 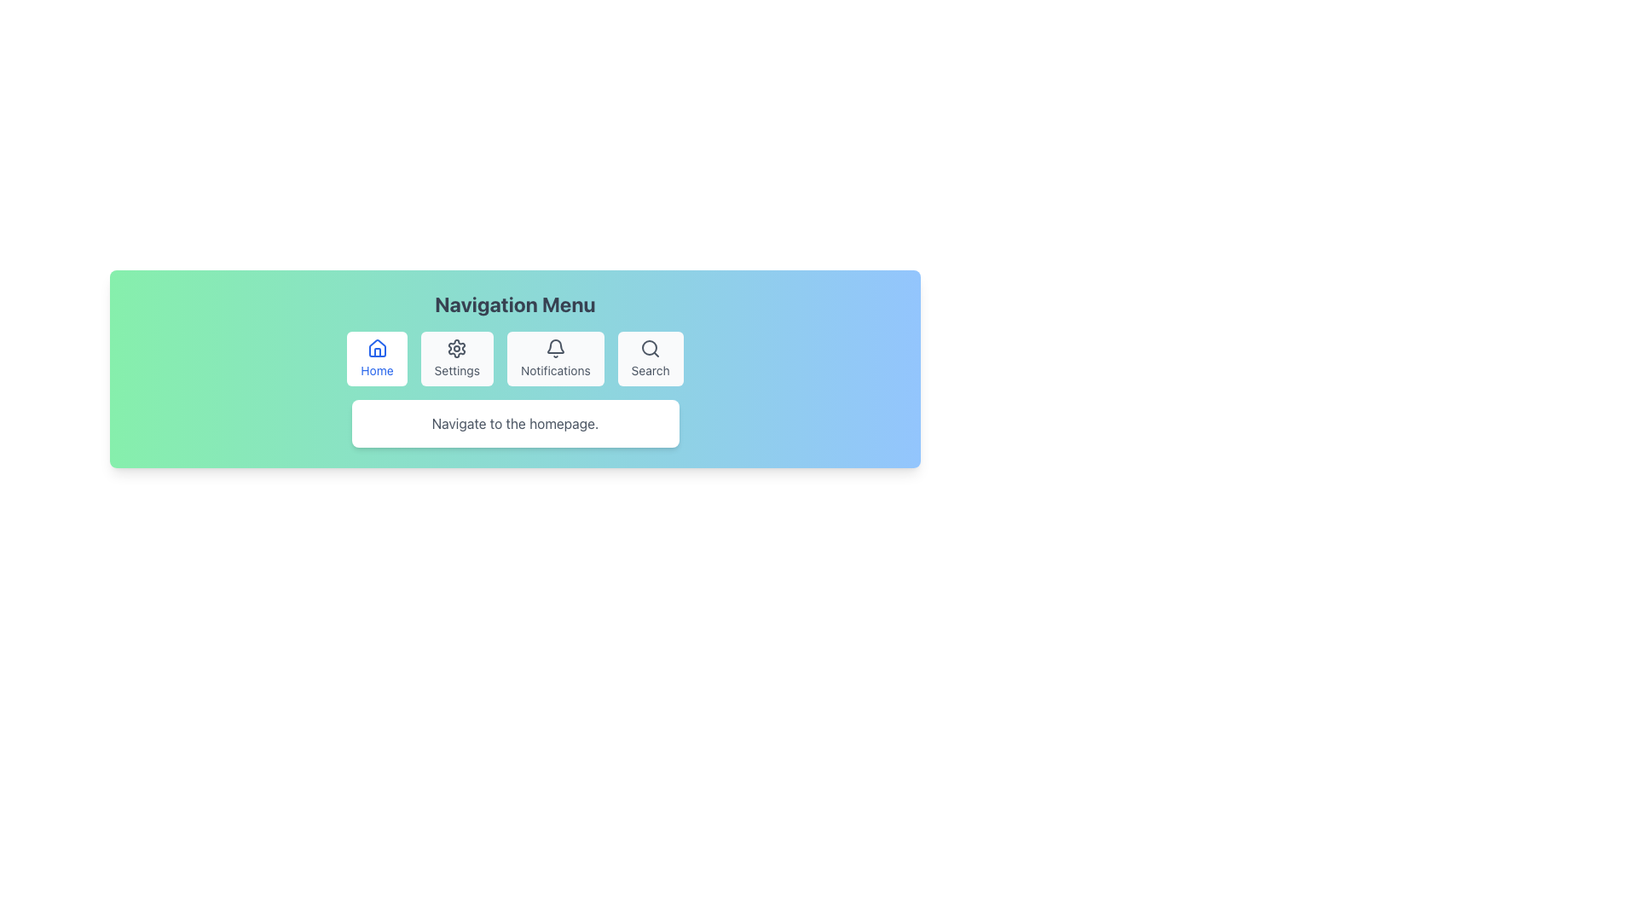 What do you see at coordinates (457, 347) in the screenshot?
I see `the 'Settings' button, which features a gear-like icon, located in the main navigation menu as the second button from the left` at bounding box center [457, 347].